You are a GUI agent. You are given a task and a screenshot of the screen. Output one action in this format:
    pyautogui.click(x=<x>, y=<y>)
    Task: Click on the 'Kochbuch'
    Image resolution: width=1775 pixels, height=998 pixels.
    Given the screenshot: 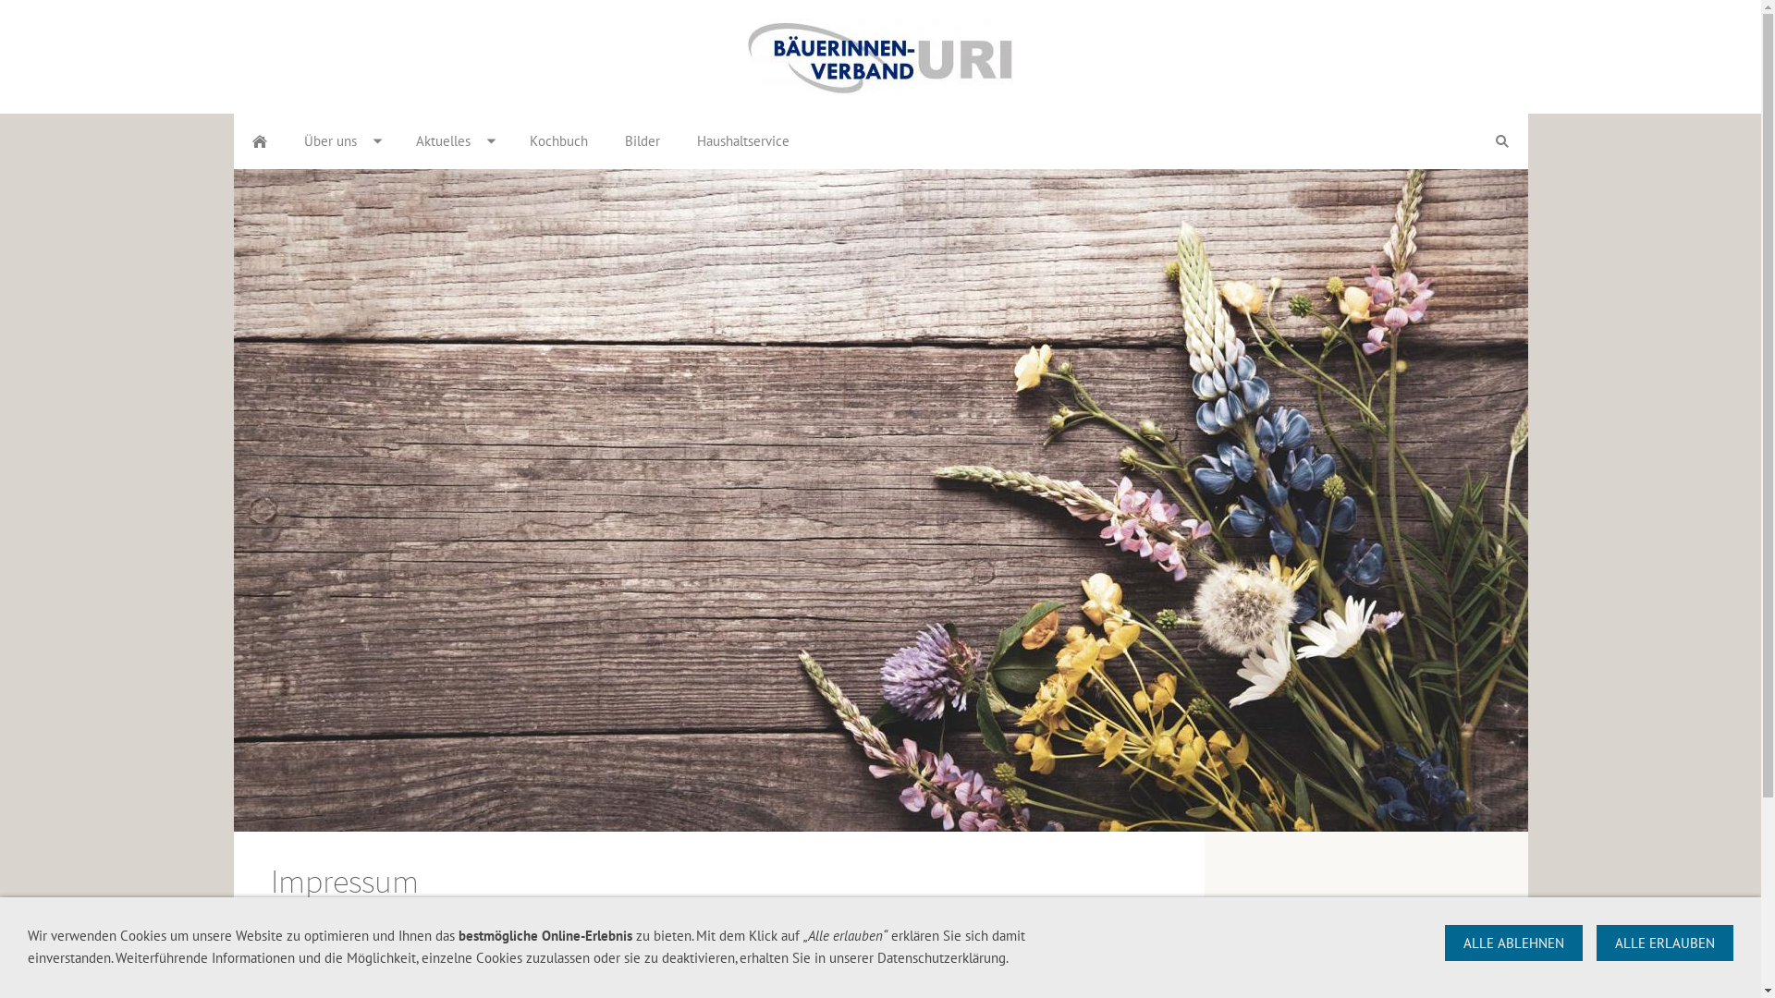 What is the action you would take?
    pyautogui.click(x=557, y=140)
    